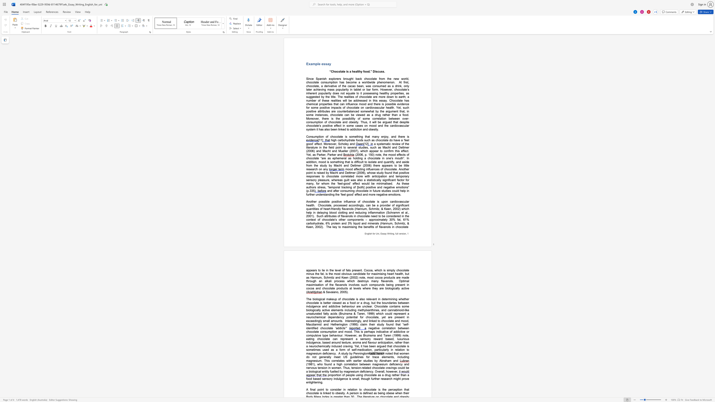 The height and width of the screenshot is (402, 715). I want to click on the space between the continuous character "a" and "d" in the text, so click(372, 353).